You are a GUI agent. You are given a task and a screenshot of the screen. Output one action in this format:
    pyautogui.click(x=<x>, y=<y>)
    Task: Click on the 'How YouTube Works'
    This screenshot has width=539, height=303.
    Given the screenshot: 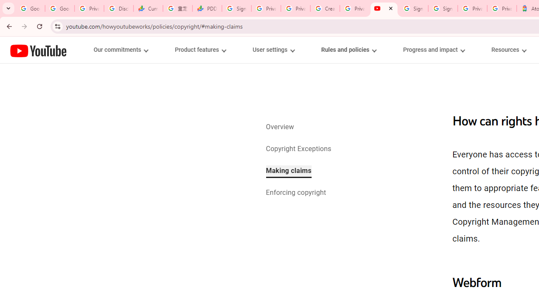 What is the action you would take?
    pyautogui.click(x=38, y=50)
    